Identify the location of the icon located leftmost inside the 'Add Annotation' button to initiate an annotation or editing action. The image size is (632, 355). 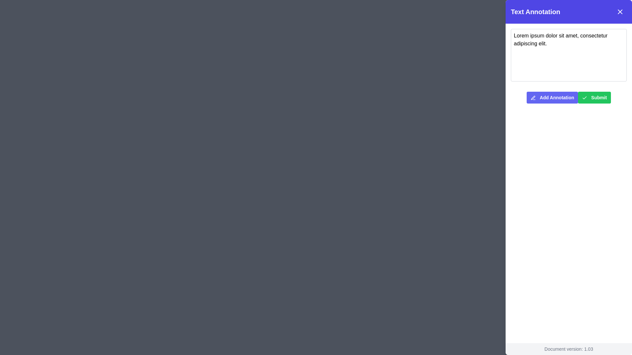
(533, 98).